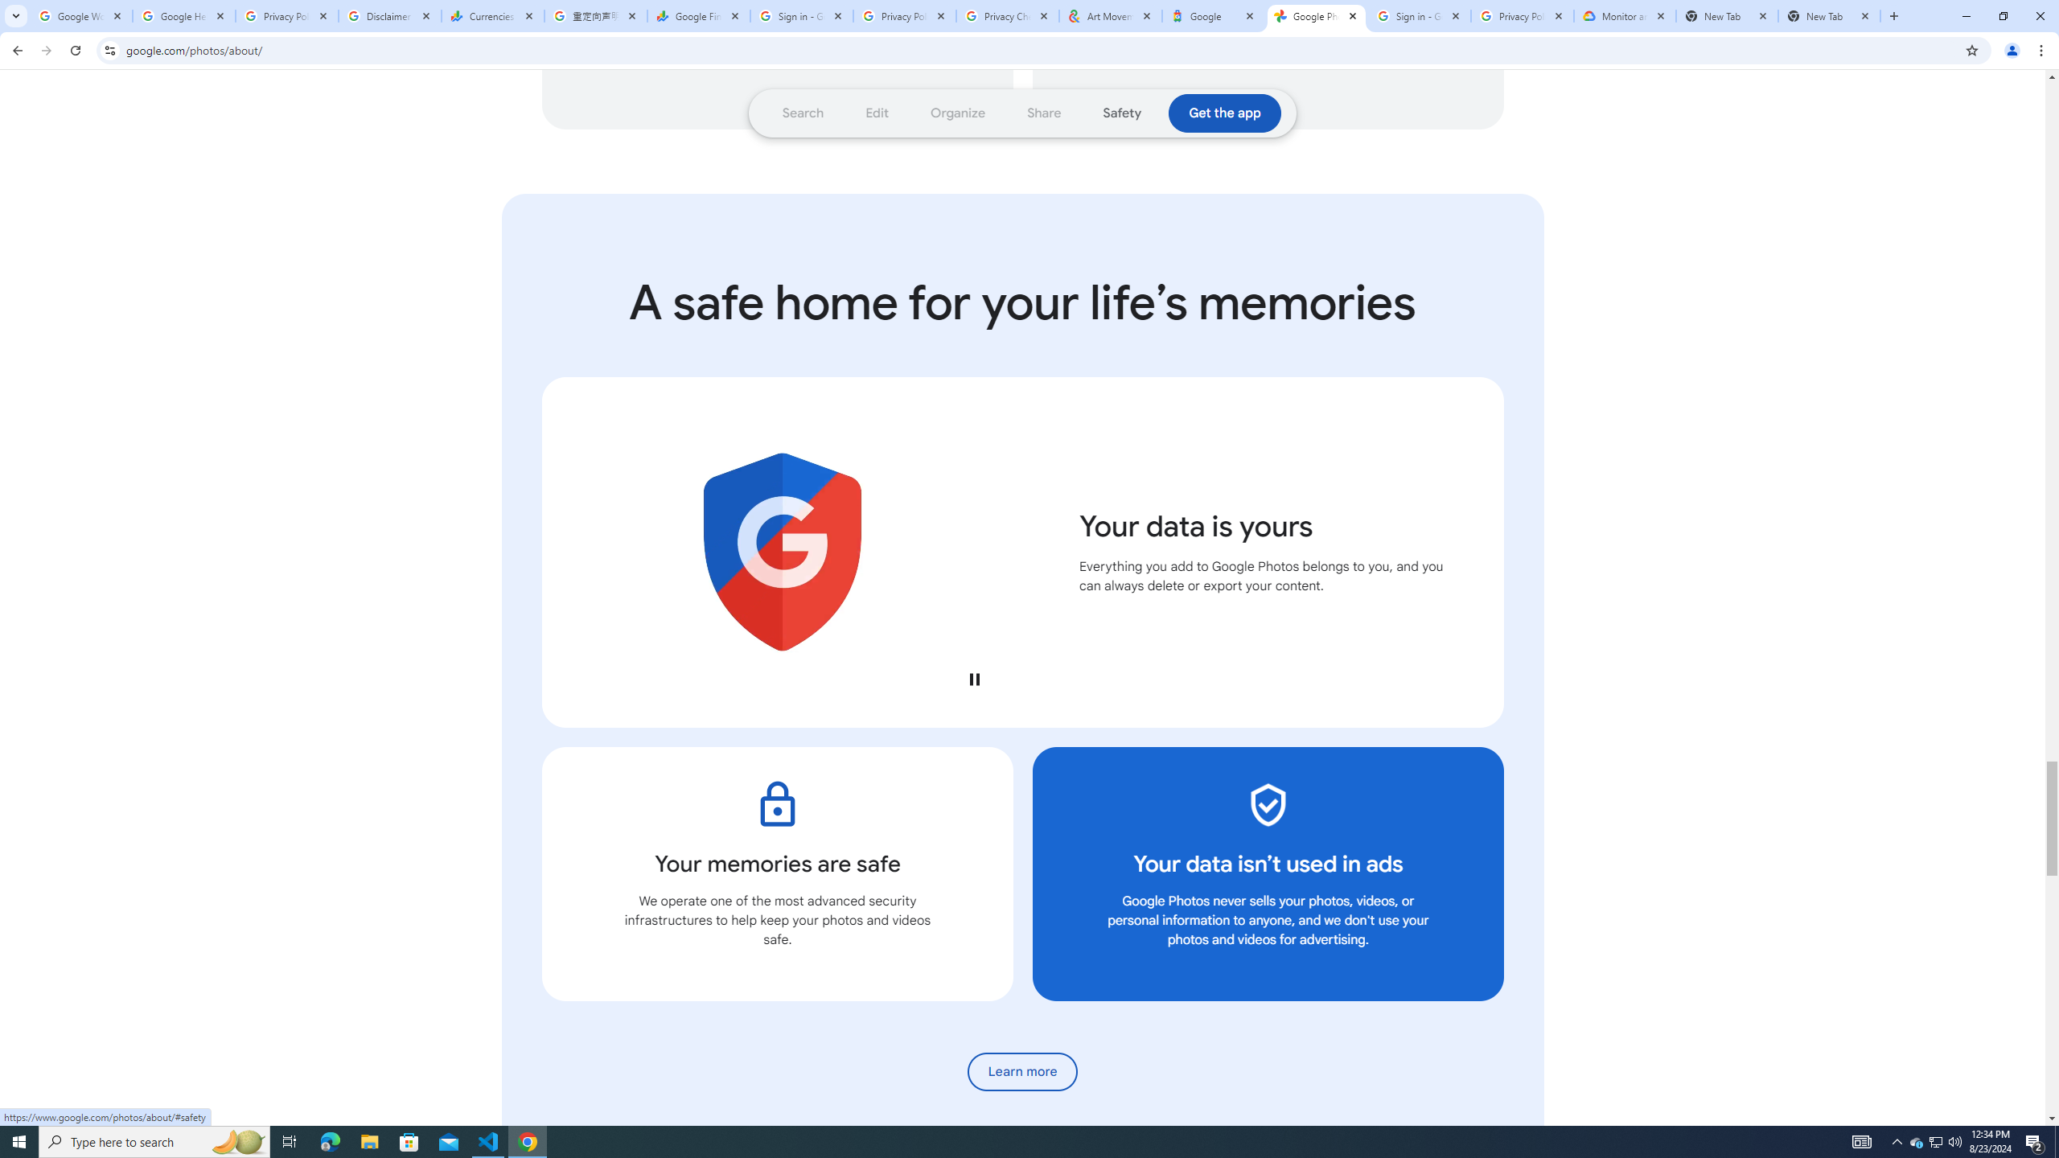  What do you see at coordinates (1829, 15) in the screenshot?
I see `'New Tab'` at bounding box center [1829, 15].